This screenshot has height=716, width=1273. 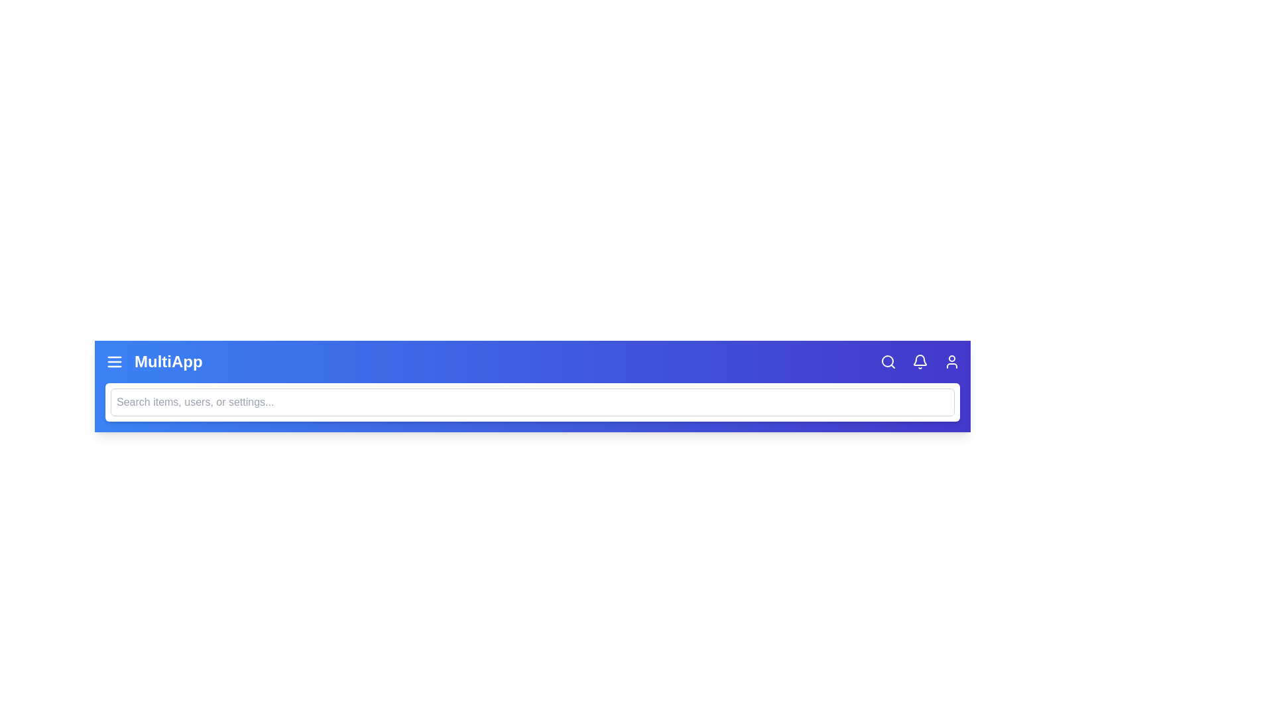 What do you see at coordinates (168, 362) in the screenshot?
I see `the application title text 'MultiApp'` at bounding box center [168, 362].